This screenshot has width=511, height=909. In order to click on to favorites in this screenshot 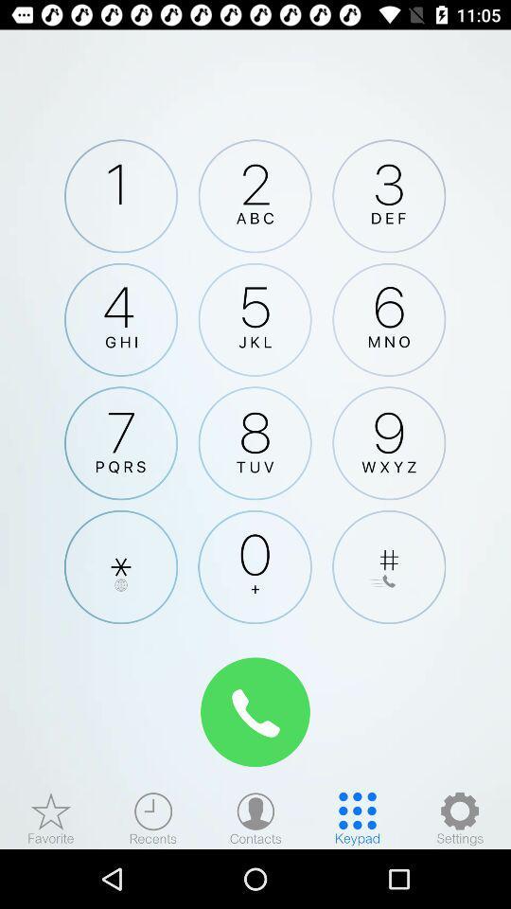, I will do `click(51, 817)`.